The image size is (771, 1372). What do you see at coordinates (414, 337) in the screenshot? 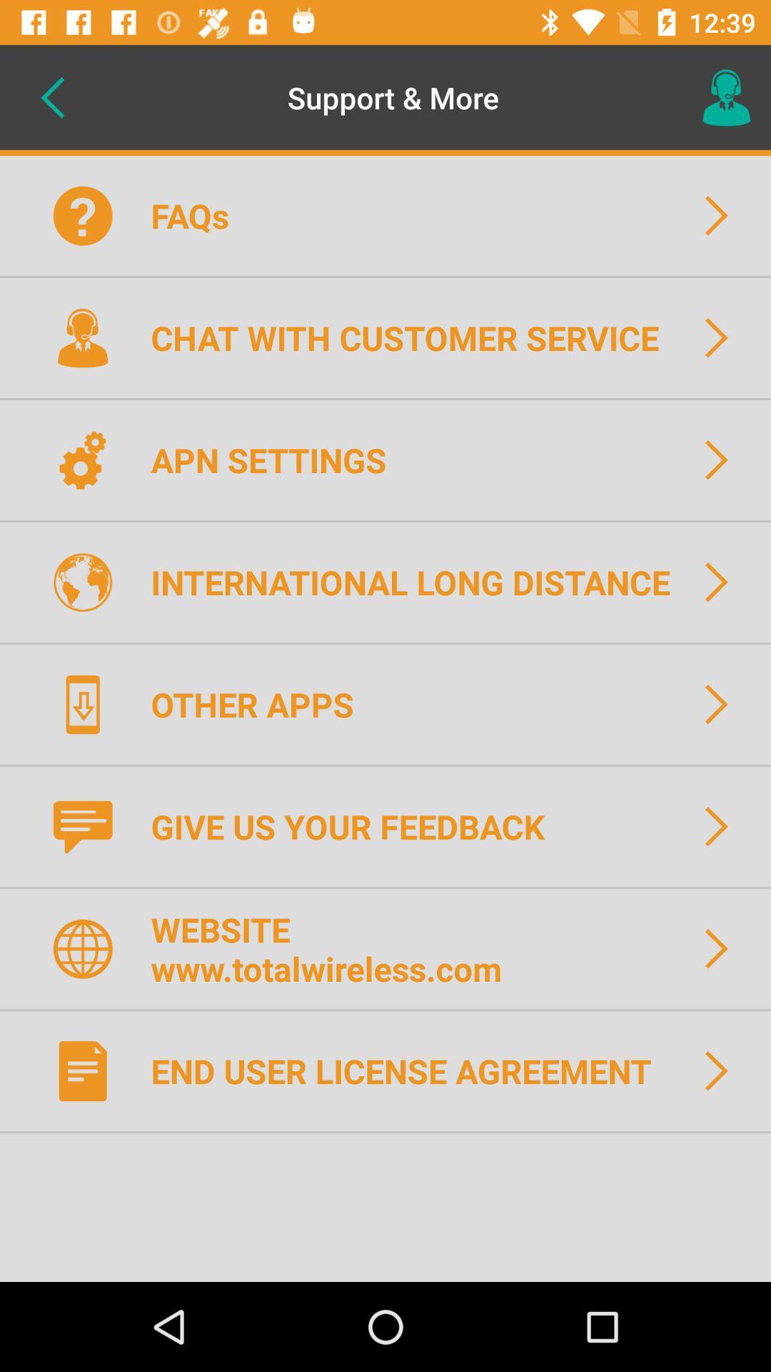
I see `the chat with customer item` at bounding box center [414, 337].